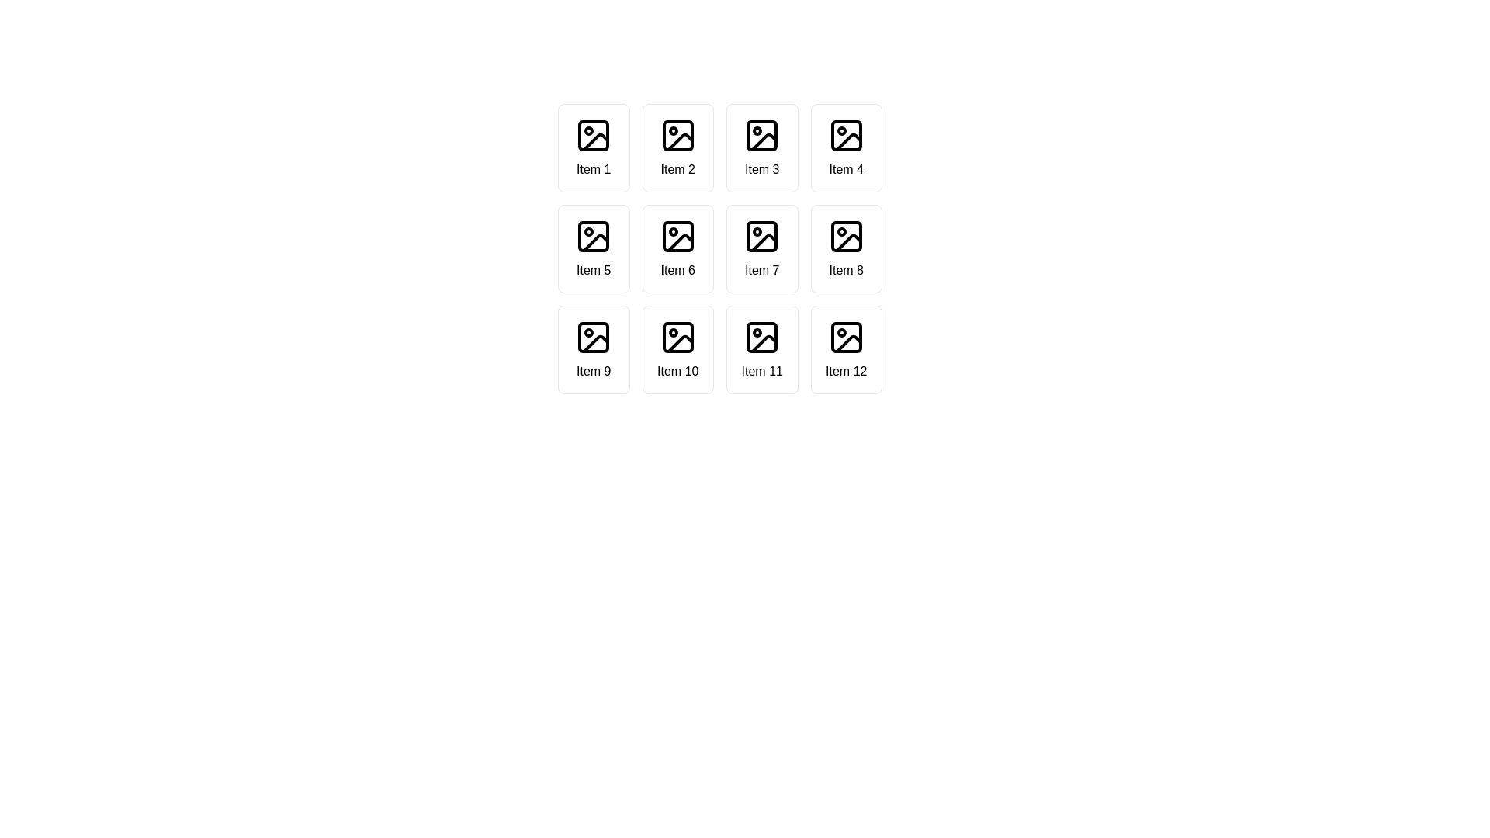 This screenshot has width=1490, height=838. Describe the element at coordinates (593, 248) in the screenshot. I see `the Card element labeled 'Item 5' in the second row, first column of the grid layout` at that location.